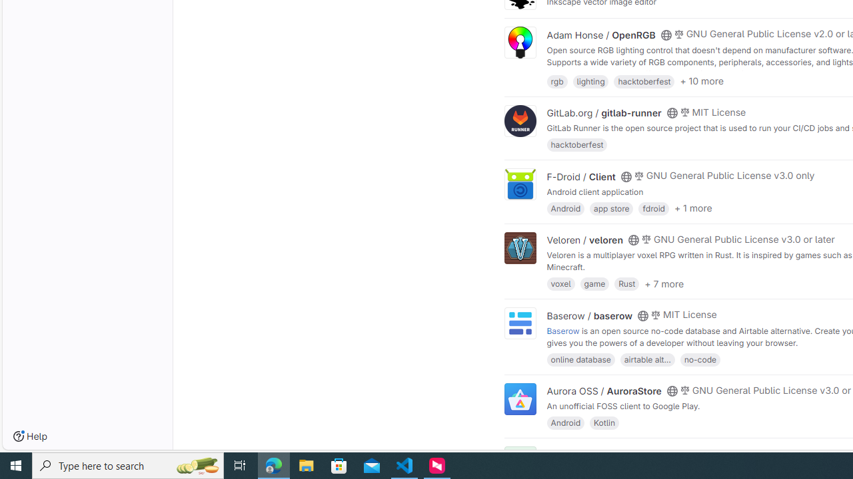  What do you see at coordinates (580, 358) in the screenshot?
I see `'online database'` at bounding box center [580, 358].